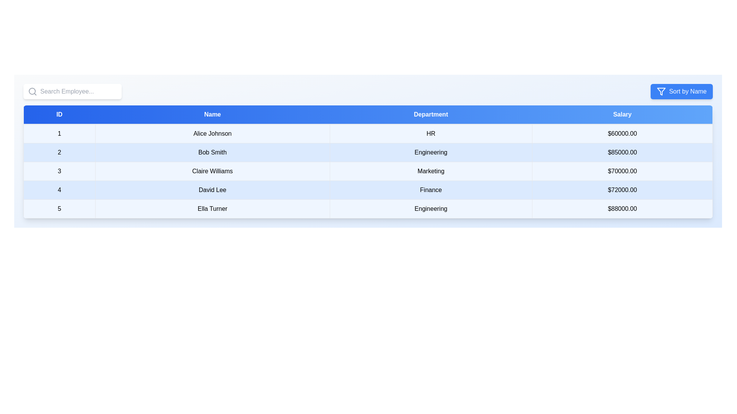 The width and height of the screenshot is (737, 414). Describe the element at coordinates (431, 115) in the screenshot. I see `the 'Department' column header text label in the table, which is located in the third column position, between 'Name' and 'Salary'` at that location.